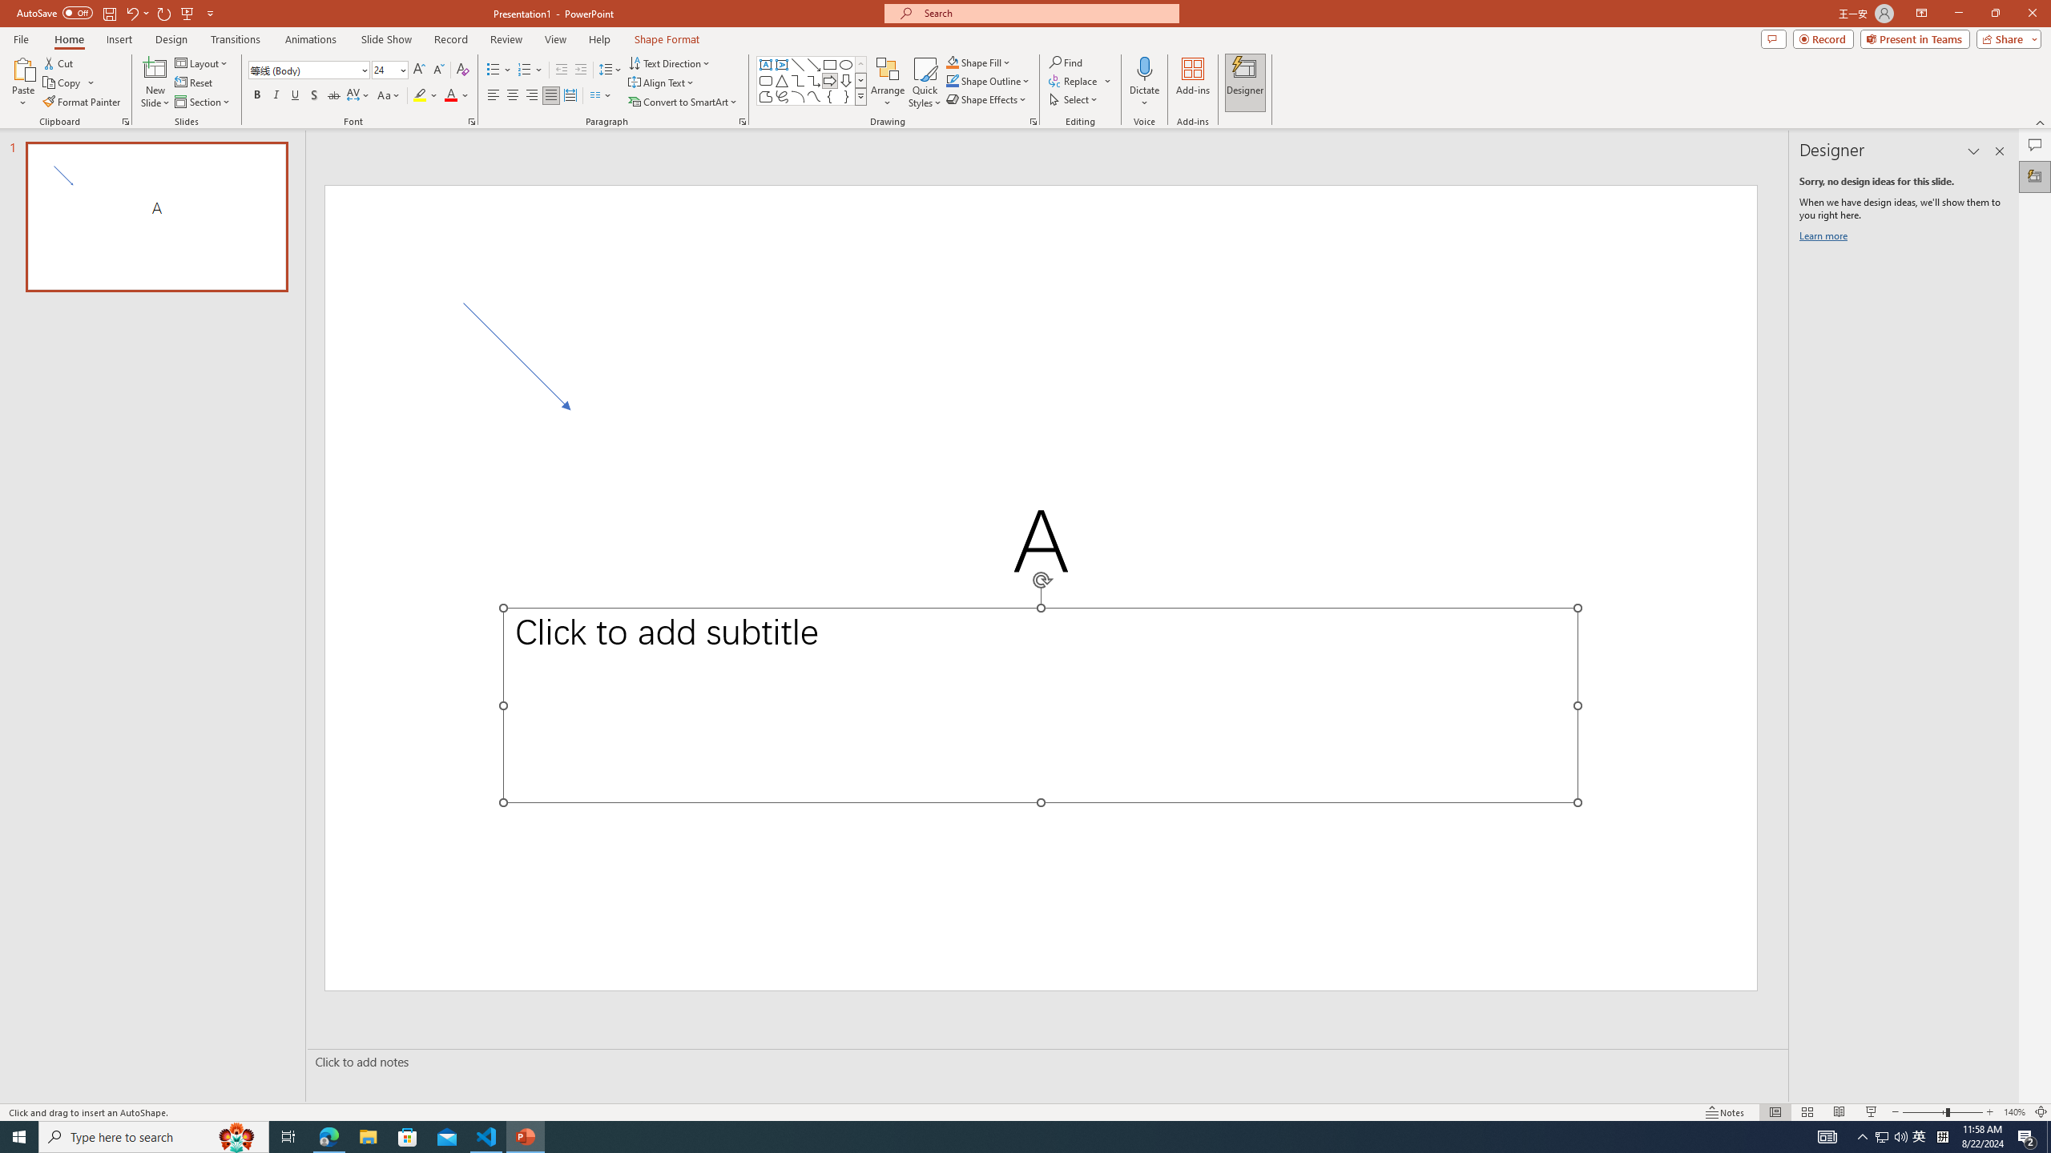 The image size is (2051, 1153). I want to click on 'Shape Outline Blue, Accent 1', so click(953, 79).